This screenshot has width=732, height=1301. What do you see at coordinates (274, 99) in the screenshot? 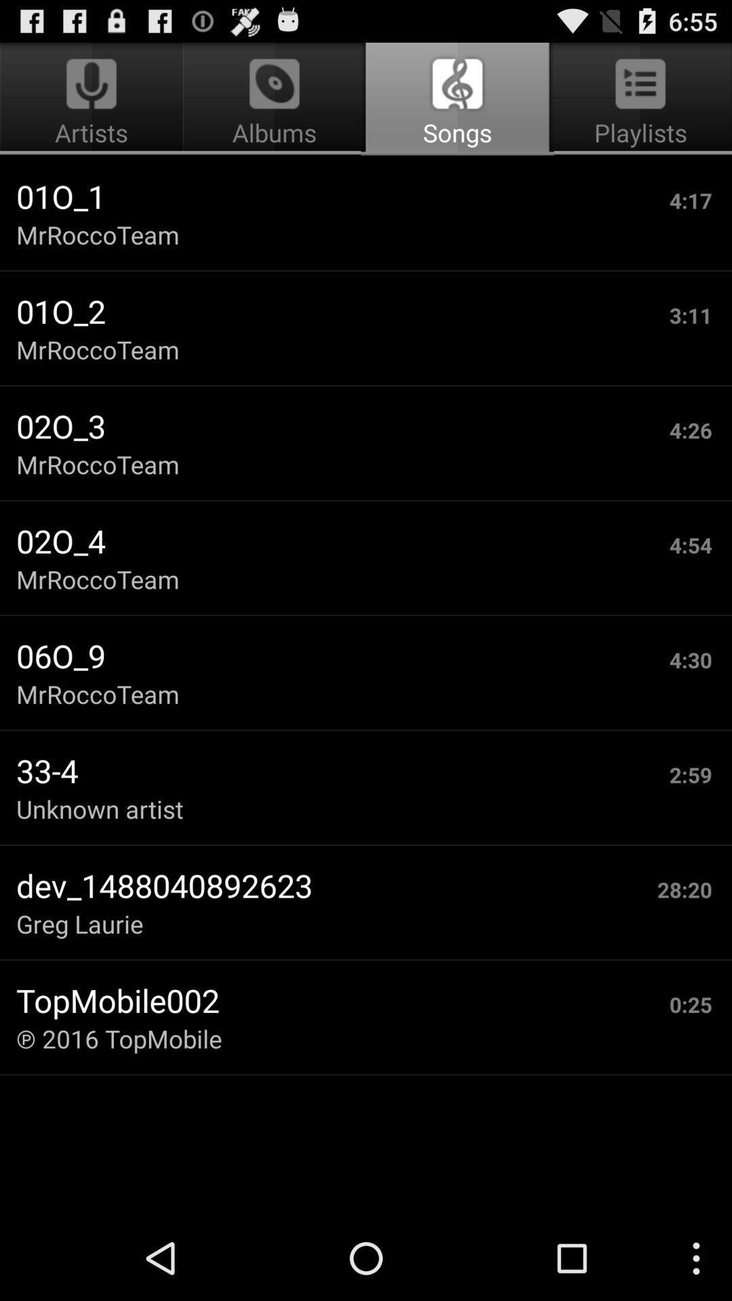
I see `albums app` at bounding box center [274, 99].